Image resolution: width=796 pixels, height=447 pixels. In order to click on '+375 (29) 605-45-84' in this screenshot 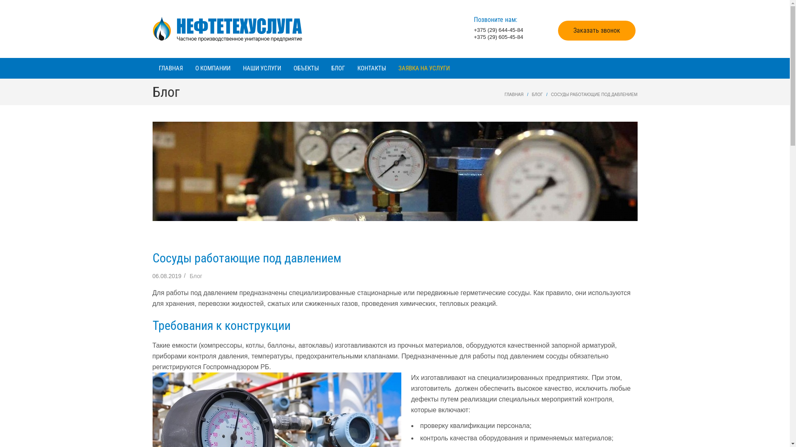, I will do `click(498, 36)`.